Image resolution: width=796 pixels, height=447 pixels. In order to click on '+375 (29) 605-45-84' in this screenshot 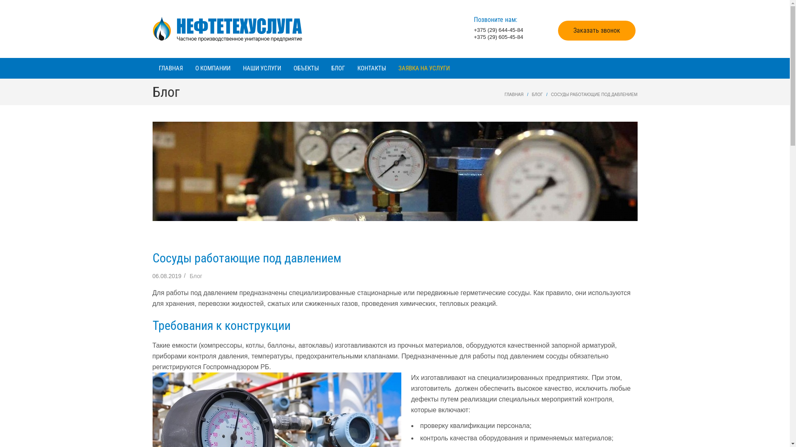, I will do `click(498, 36)`.